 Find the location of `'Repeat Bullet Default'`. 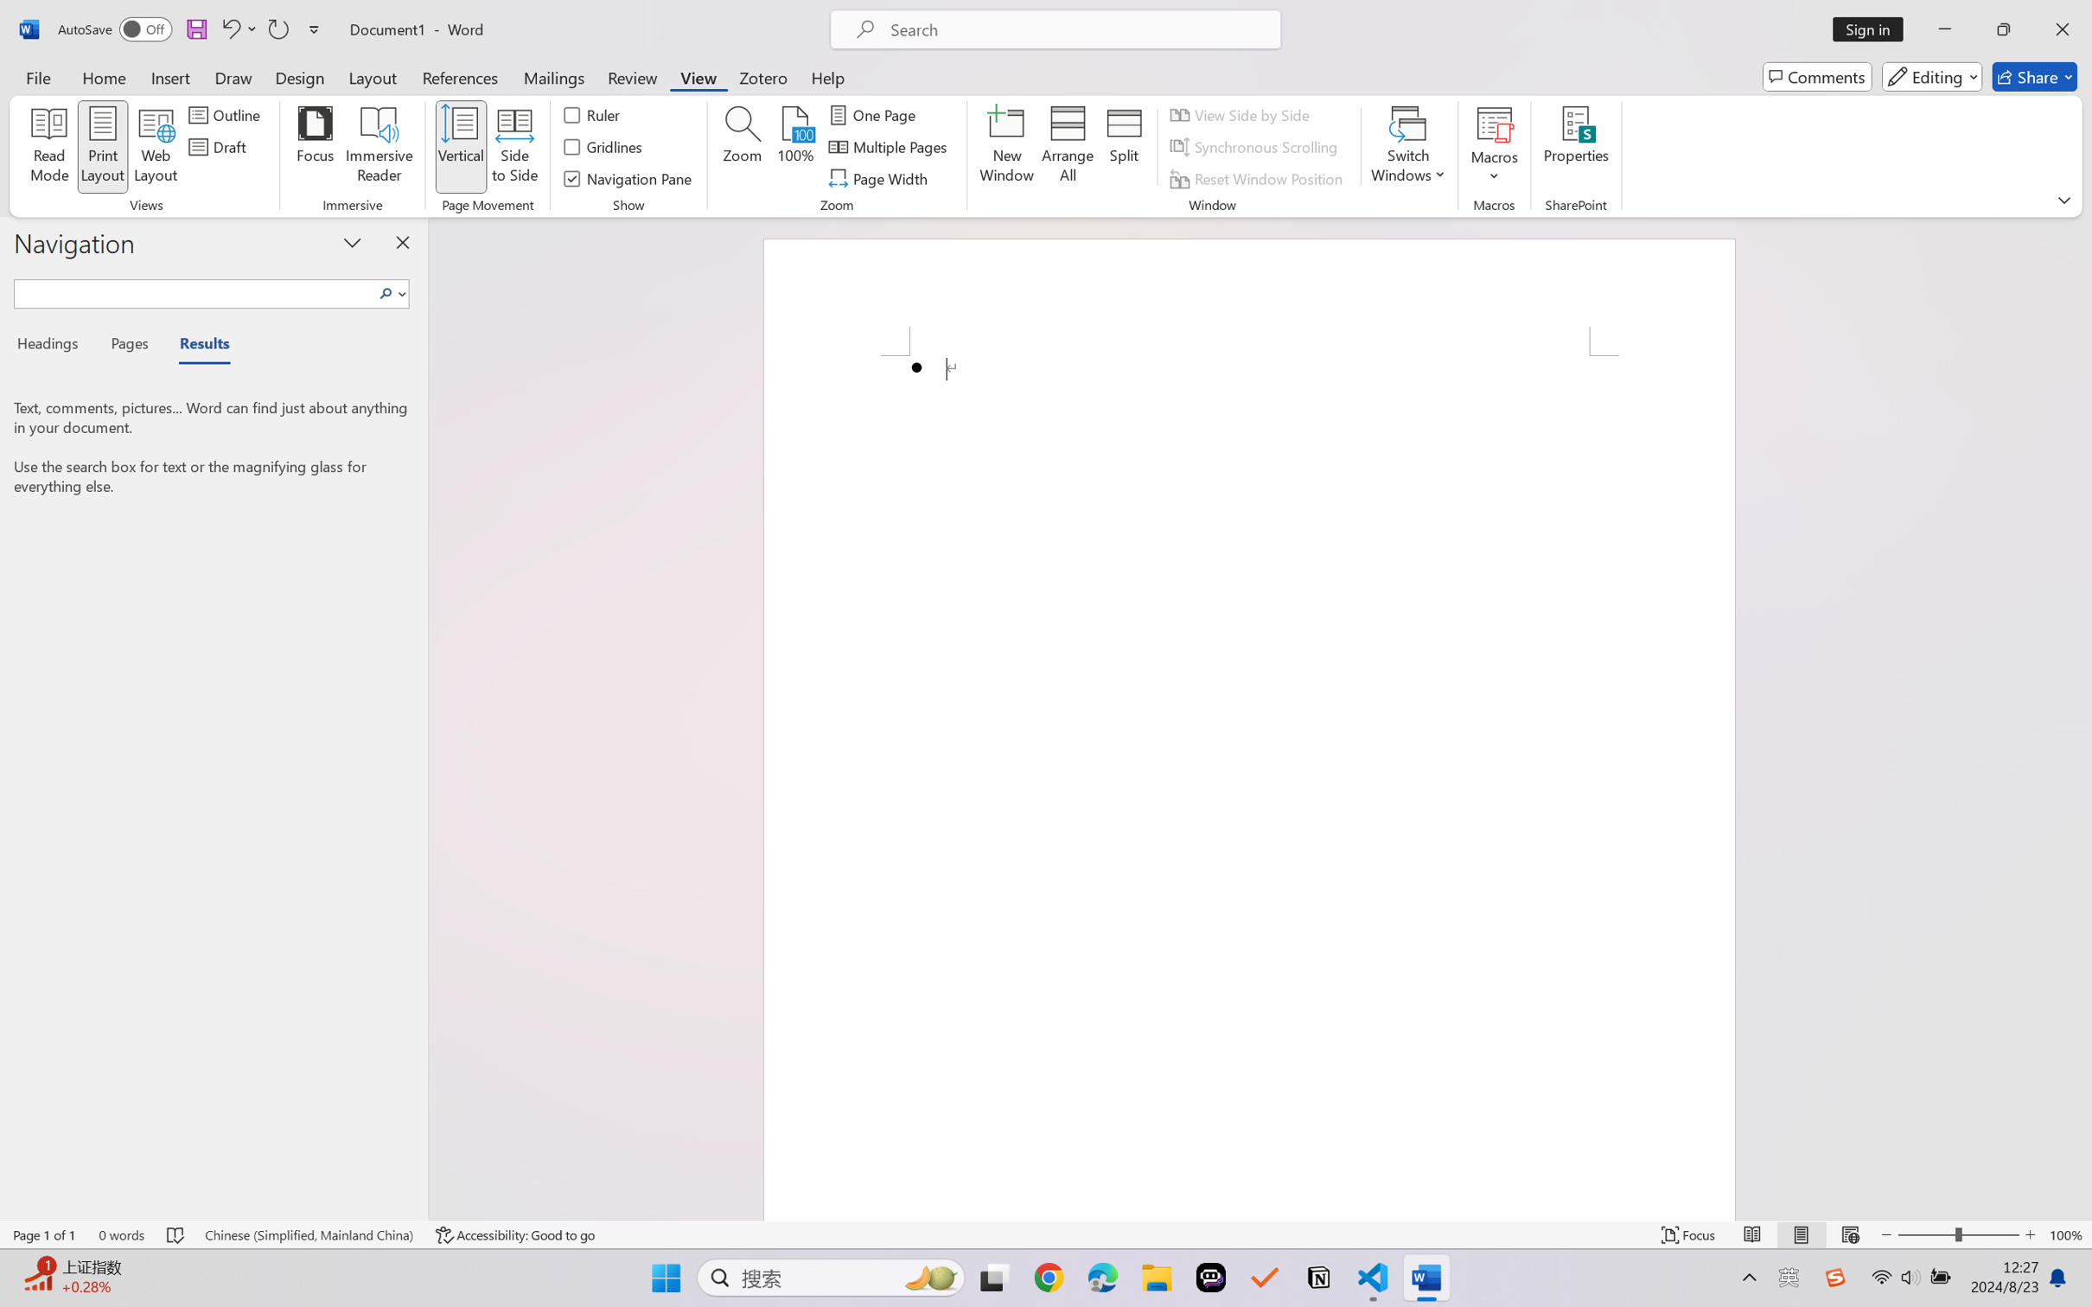

'Repeat Bullet Default' is located at coordinates (277, 29).